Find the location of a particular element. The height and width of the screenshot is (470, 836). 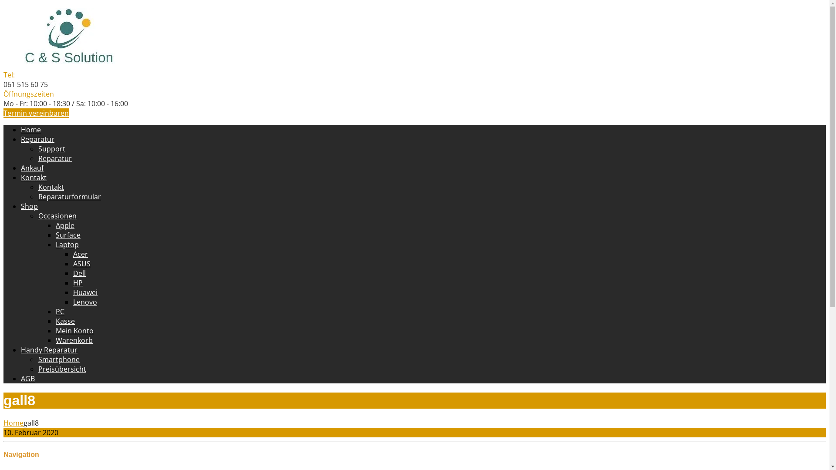

'Laptop' is located at coordinates (67, 245).